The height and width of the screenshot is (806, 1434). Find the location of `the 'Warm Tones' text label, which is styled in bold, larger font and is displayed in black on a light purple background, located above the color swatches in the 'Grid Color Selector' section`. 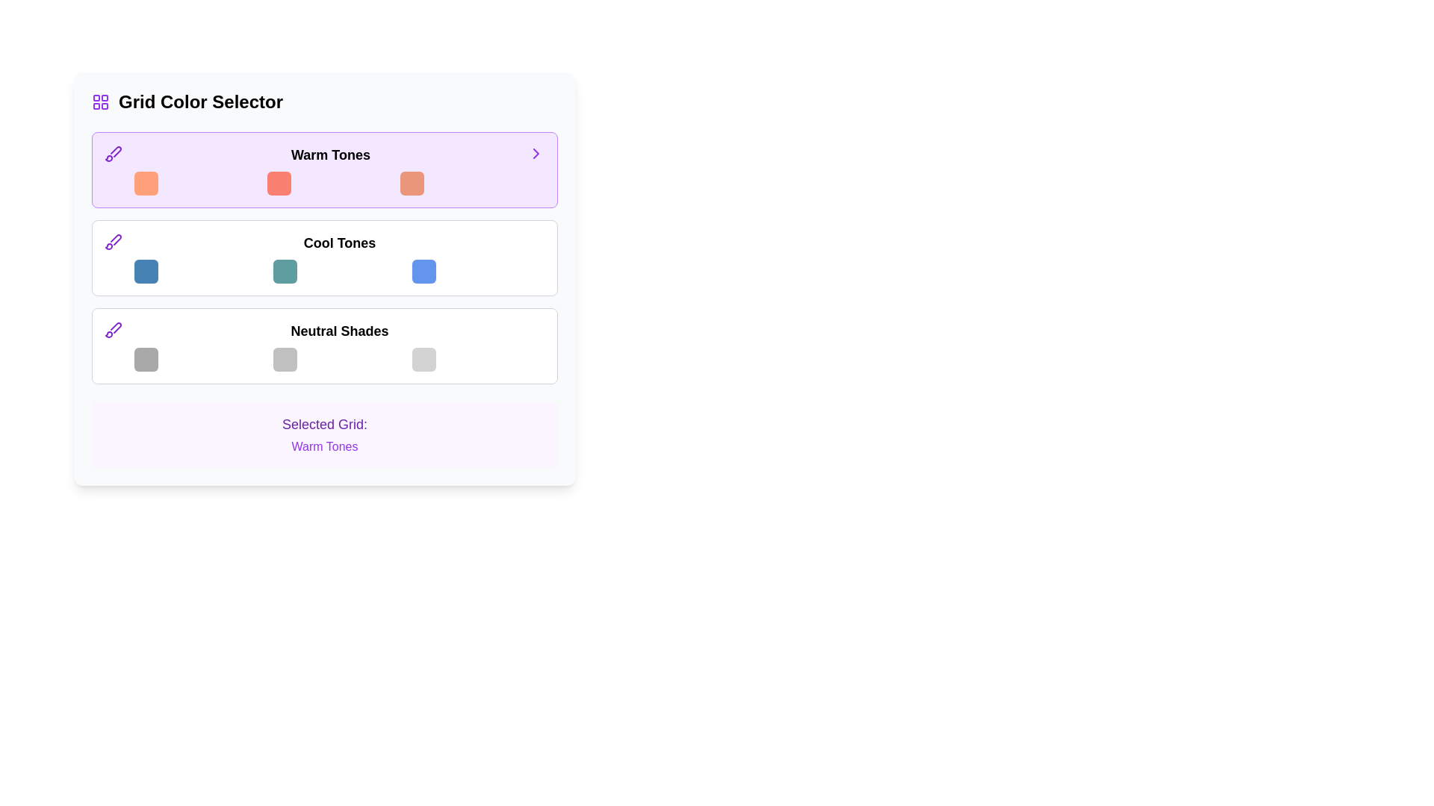

the 'Warm Tones' text label, which is styled in bold, larger font and is displayed in black on a light purple background, located above the color swatches in the 'Grid Color Selector' section is located at coordinates (329, 155).